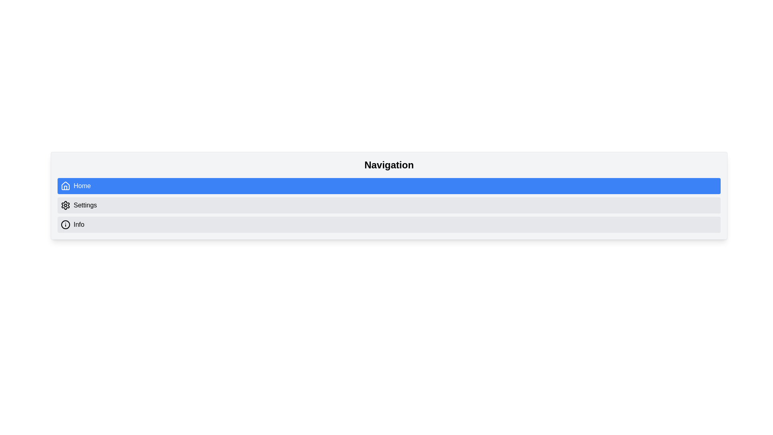  I want to click on the gear-shaped icon in the 'Settings' row of the navigation menu, so click(66, 205).